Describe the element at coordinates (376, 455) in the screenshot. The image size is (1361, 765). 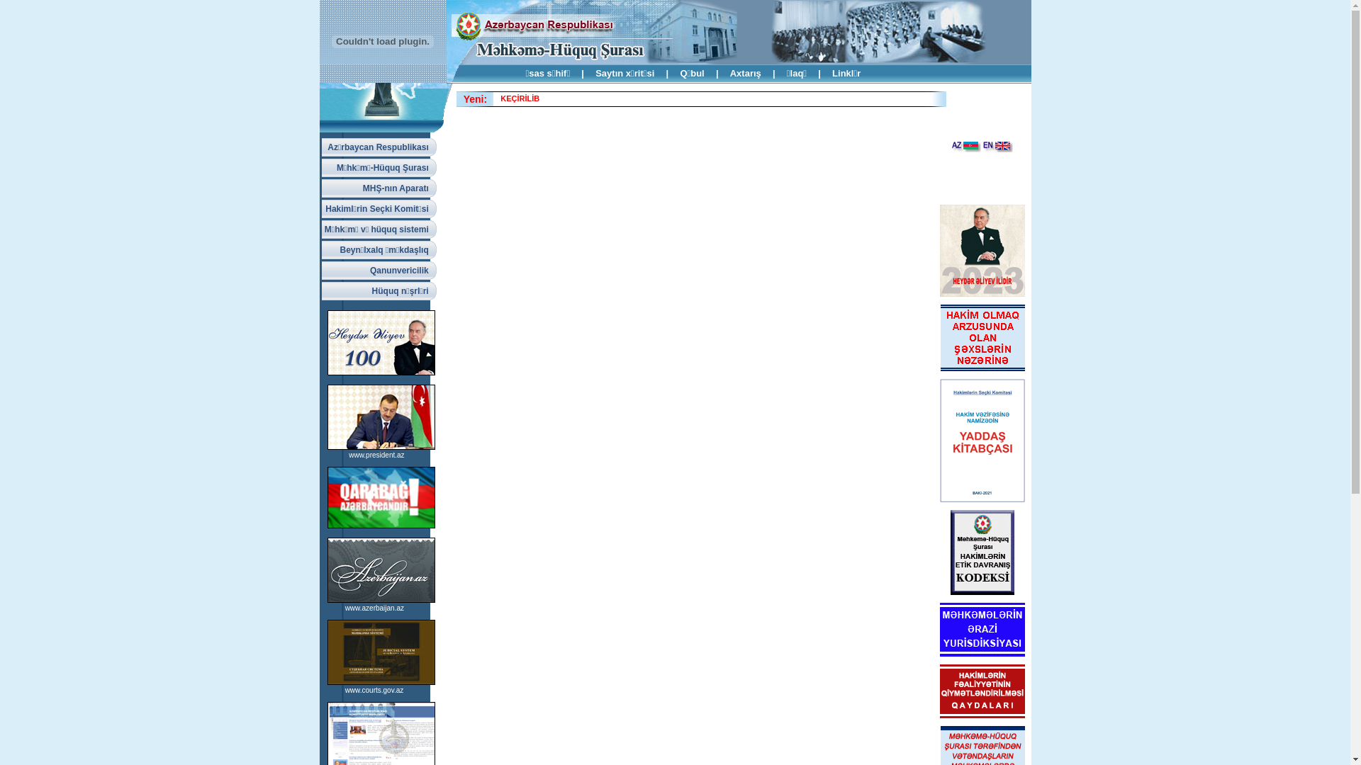
I see `'www.president.az'` at that location.